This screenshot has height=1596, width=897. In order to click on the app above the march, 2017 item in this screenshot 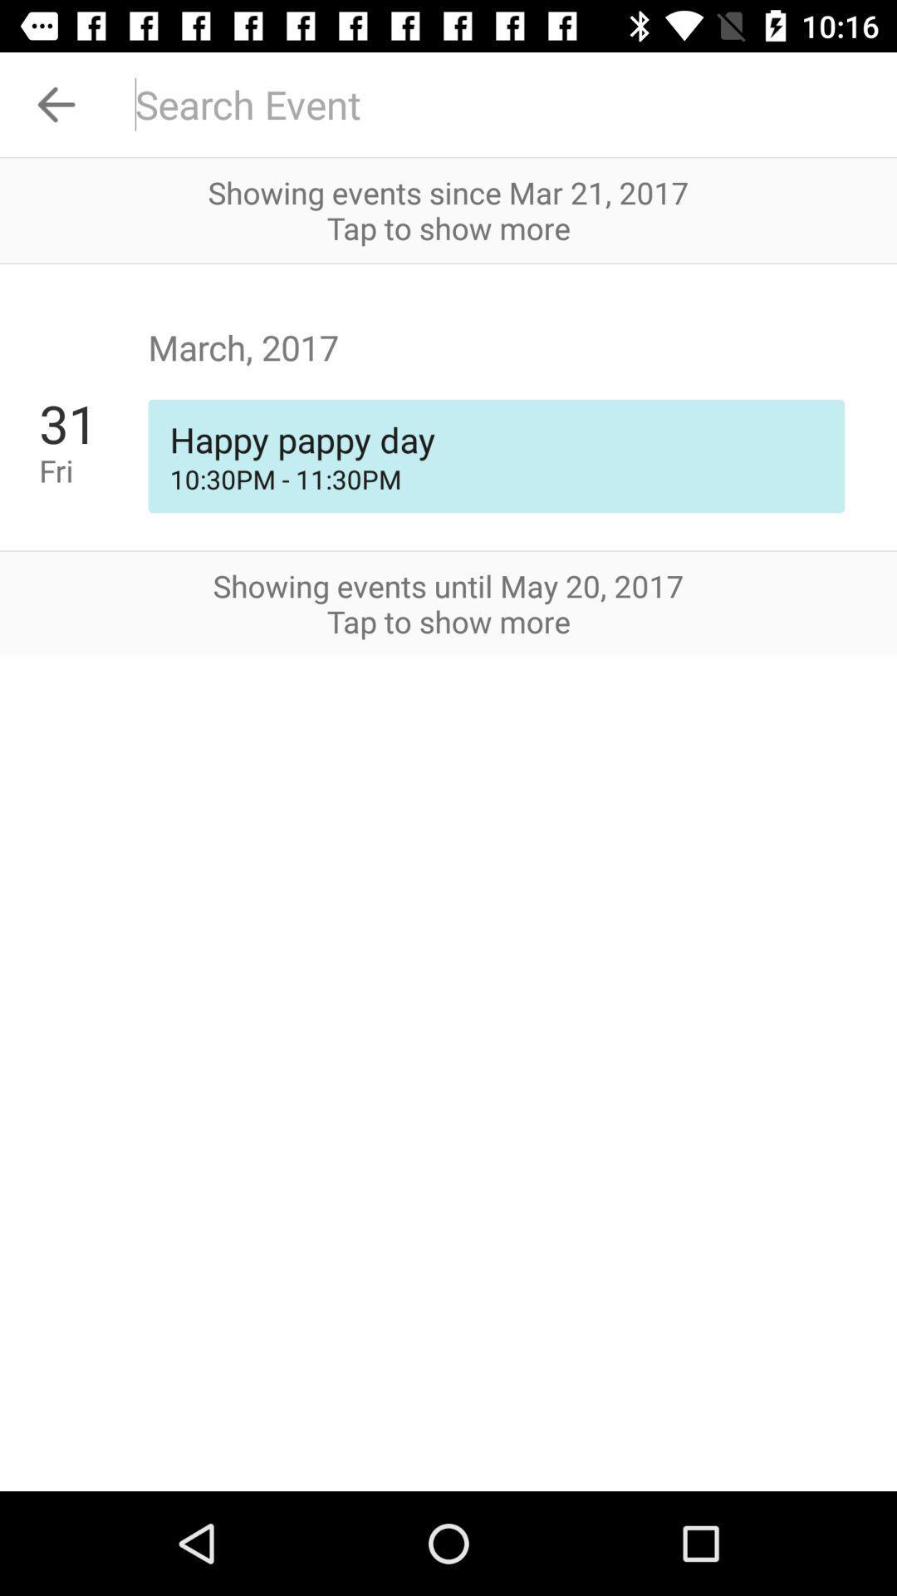, I will do `click(448, 263)`.